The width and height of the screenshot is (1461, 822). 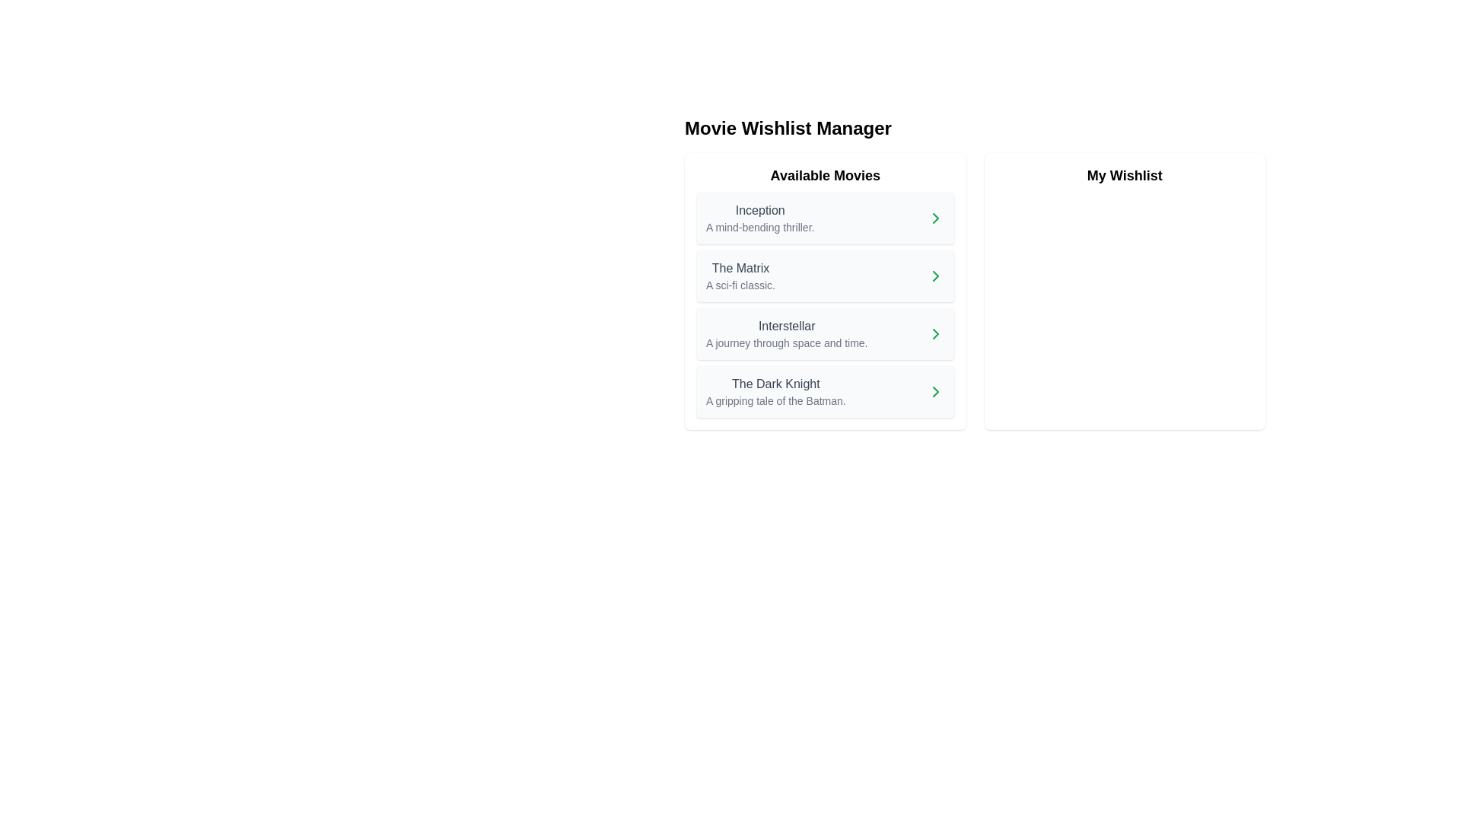 I want to click on the static text label displaying 'Interstellar', which is positioned as the main title in the third item of the 'Available Movies' list on the left side of the interface, so click(x=787, y=325).